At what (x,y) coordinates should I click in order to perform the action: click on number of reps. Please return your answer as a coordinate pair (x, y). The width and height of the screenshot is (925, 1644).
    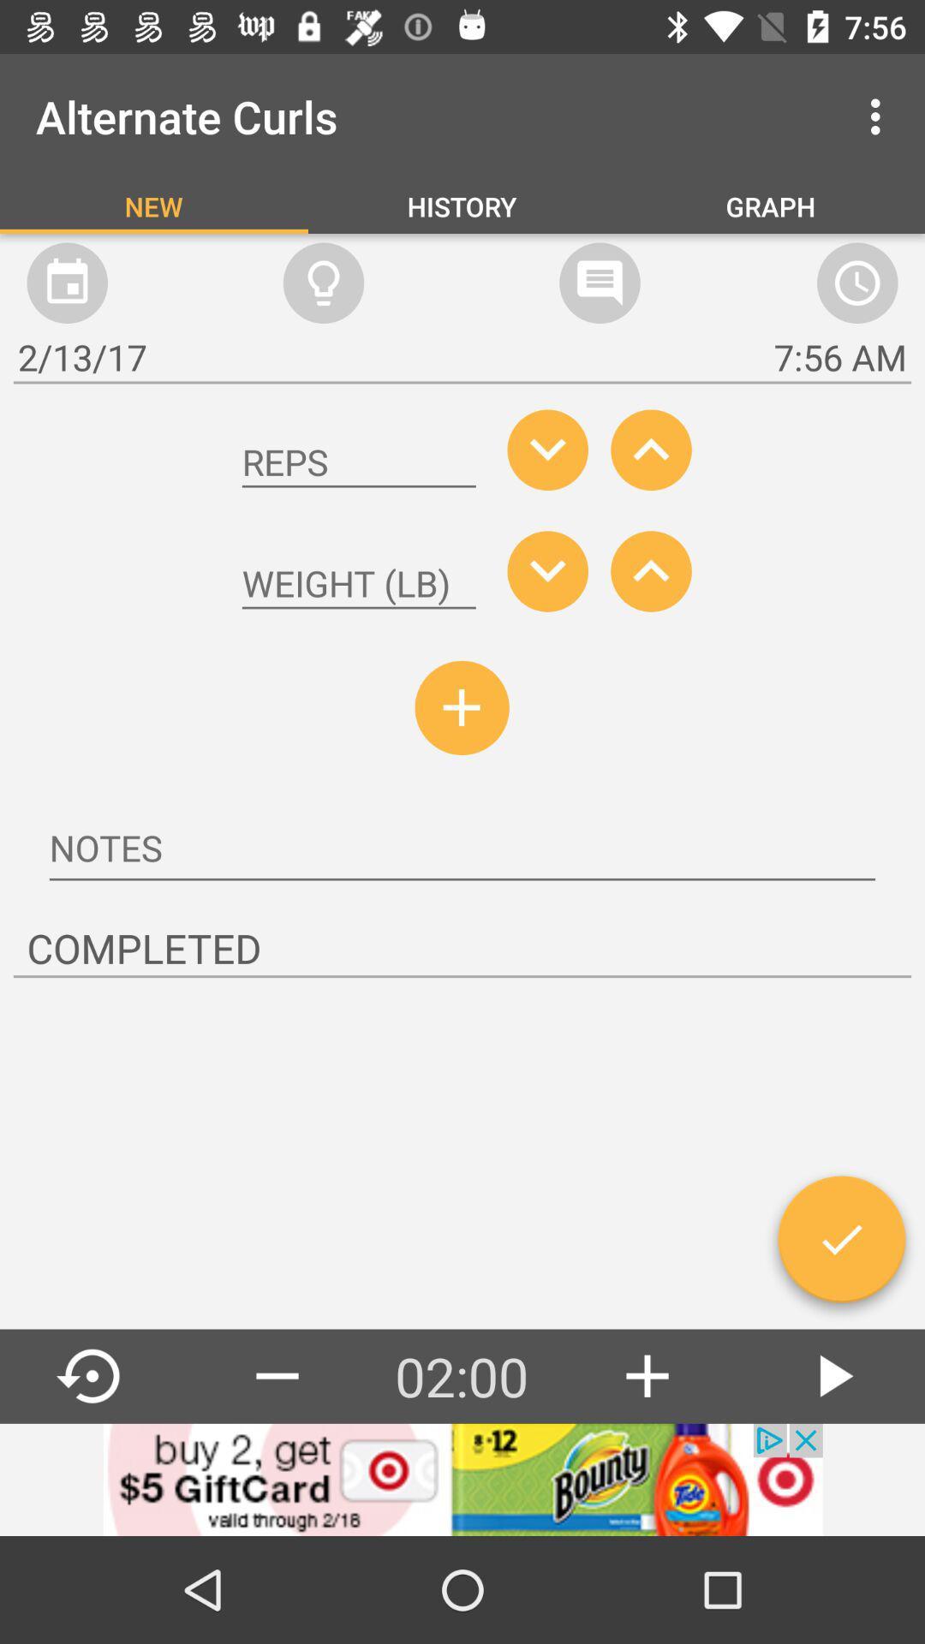
    Looking at the image, I should click on (358, 462).